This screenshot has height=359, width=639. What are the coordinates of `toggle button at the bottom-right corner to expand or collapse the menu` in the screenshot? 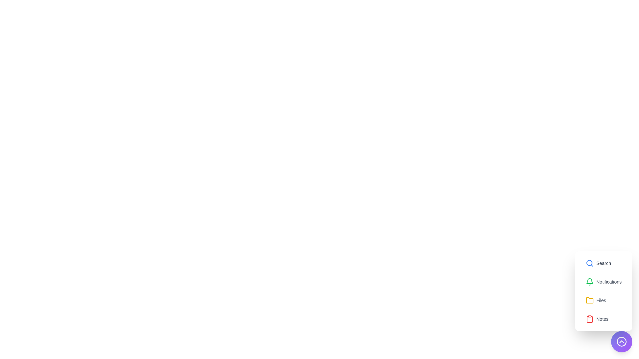 It's located at (621, 342).